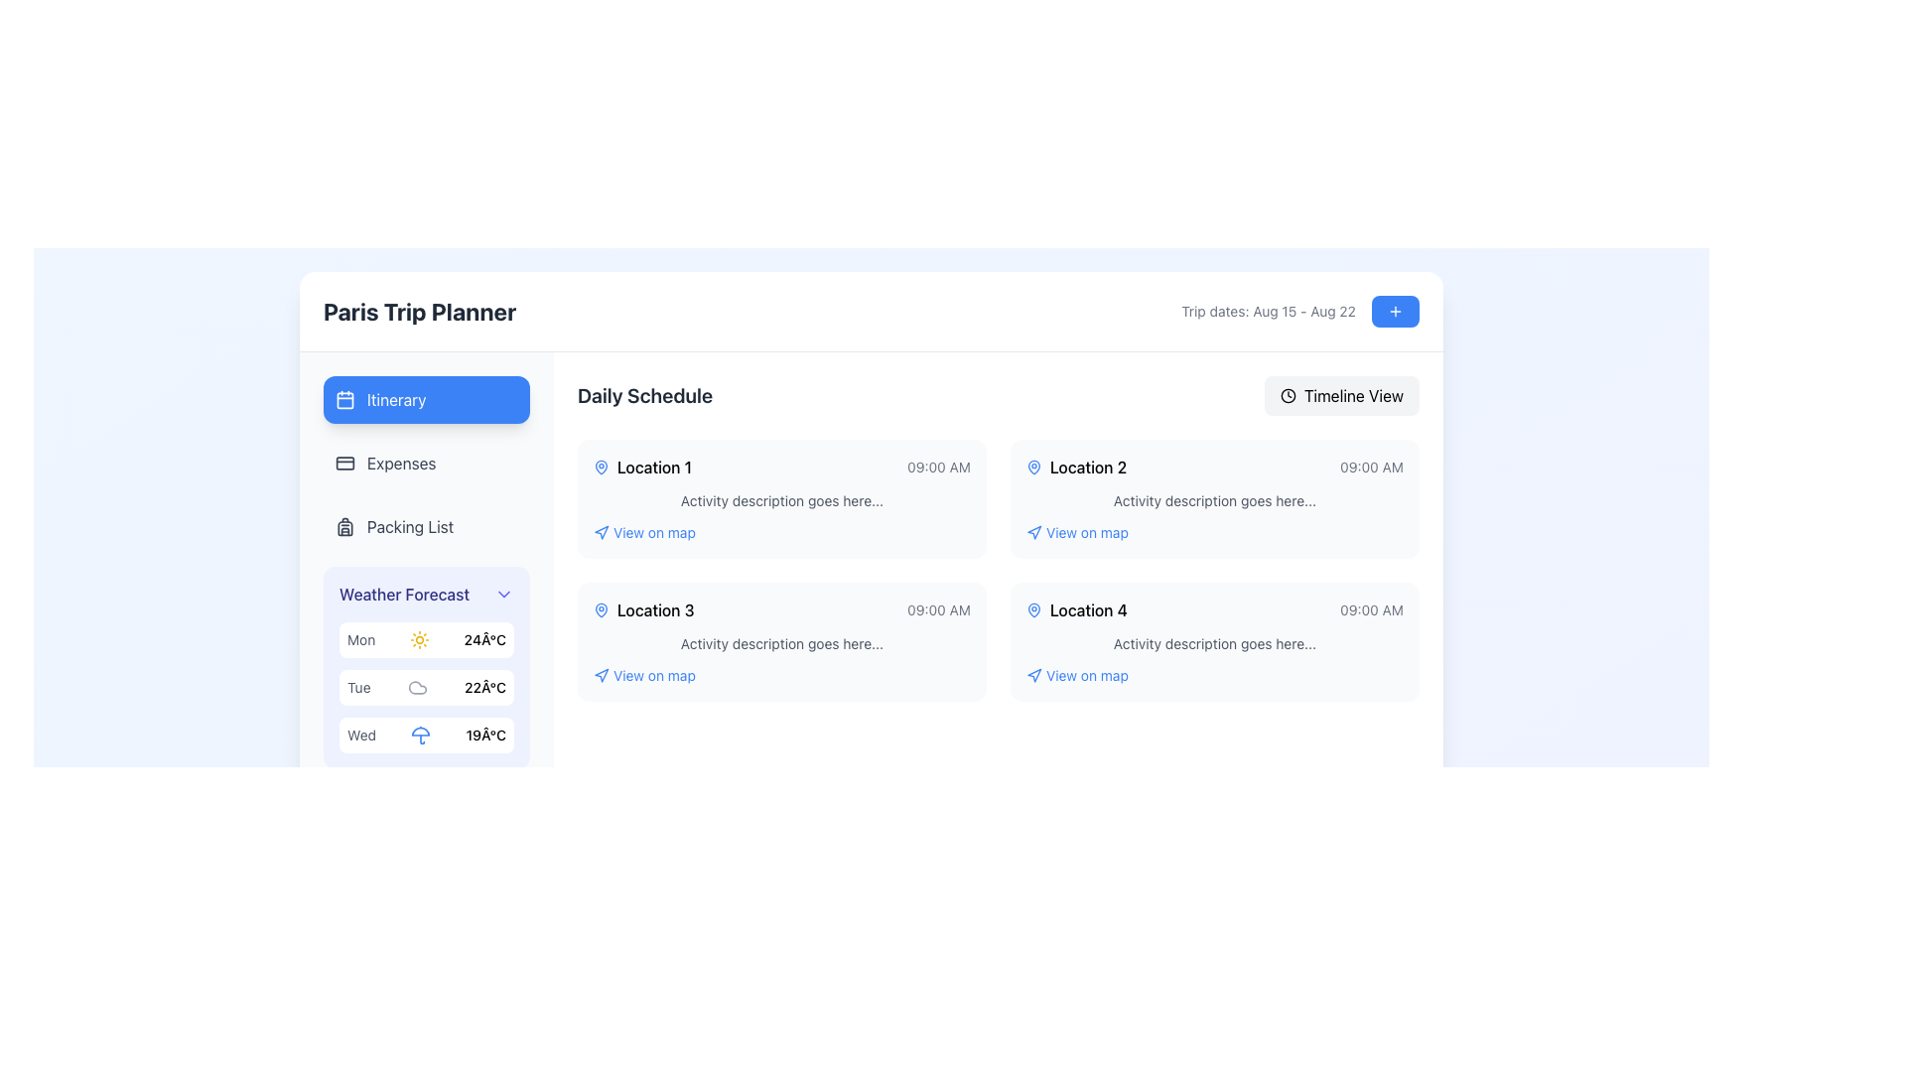  I want to click on the interactive text label 'View on map' located beneath 'Location 1' in the 'Daily Schedule' section, so click(654, 531).